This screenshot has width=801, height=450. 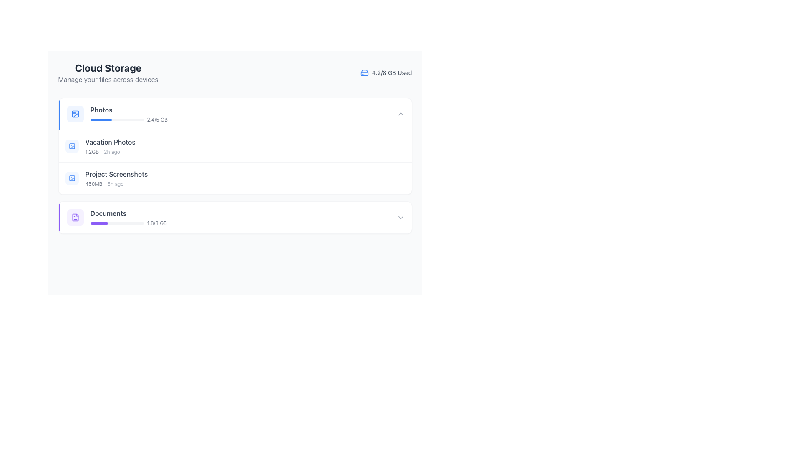 I want to click on the small textual label displaying '5h ago' in the 'Project Screenshots' section of the 'Cloud Storage' interface, so click(x=115, y=184).